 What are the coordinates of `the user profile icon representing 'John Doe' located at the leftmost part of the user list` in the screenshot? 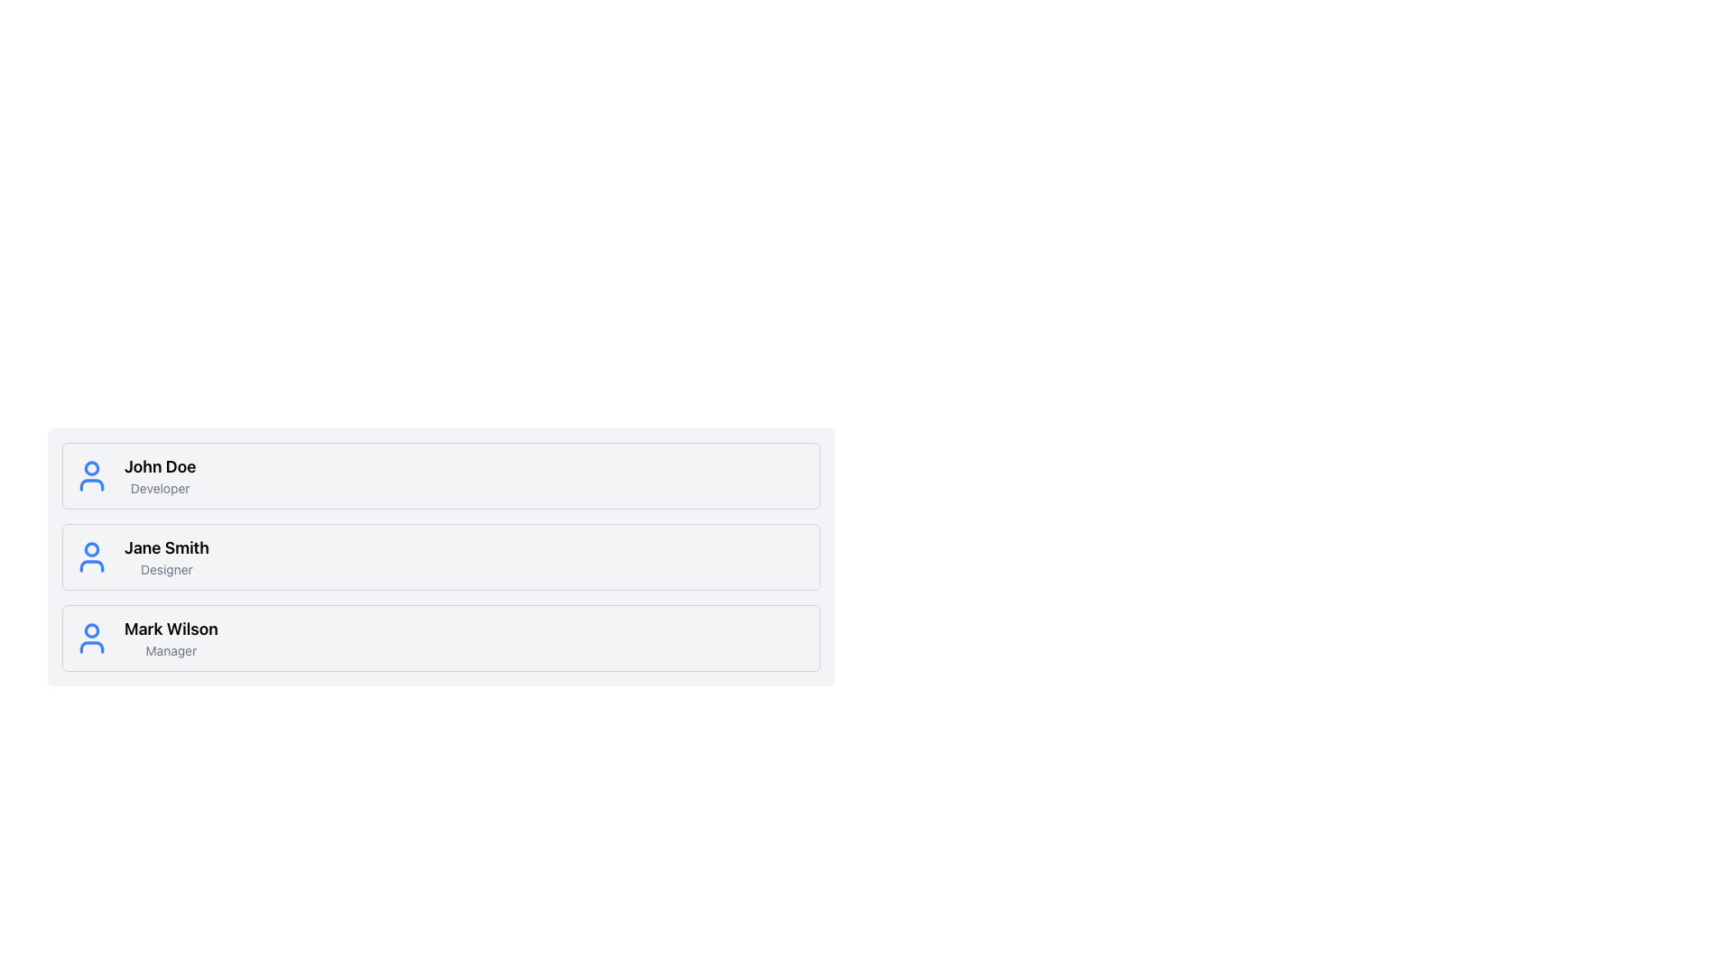 It's located at (90, 475).